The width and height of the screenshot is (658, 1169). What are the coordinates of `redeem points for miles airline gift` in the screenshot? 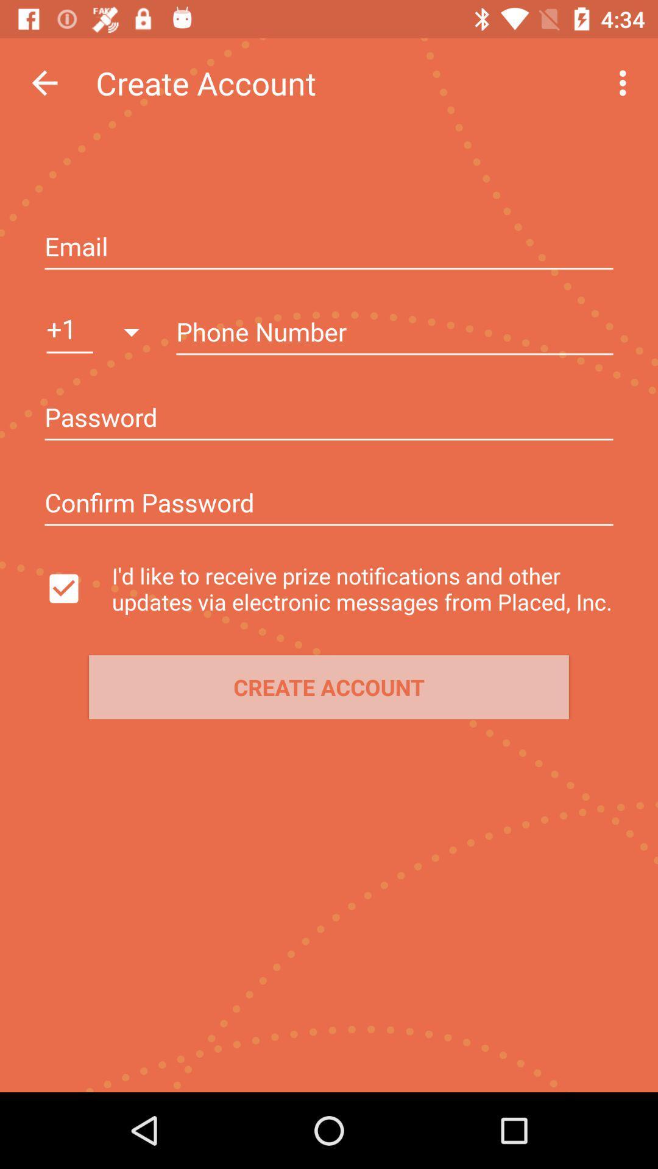 It's located at (329, 247).